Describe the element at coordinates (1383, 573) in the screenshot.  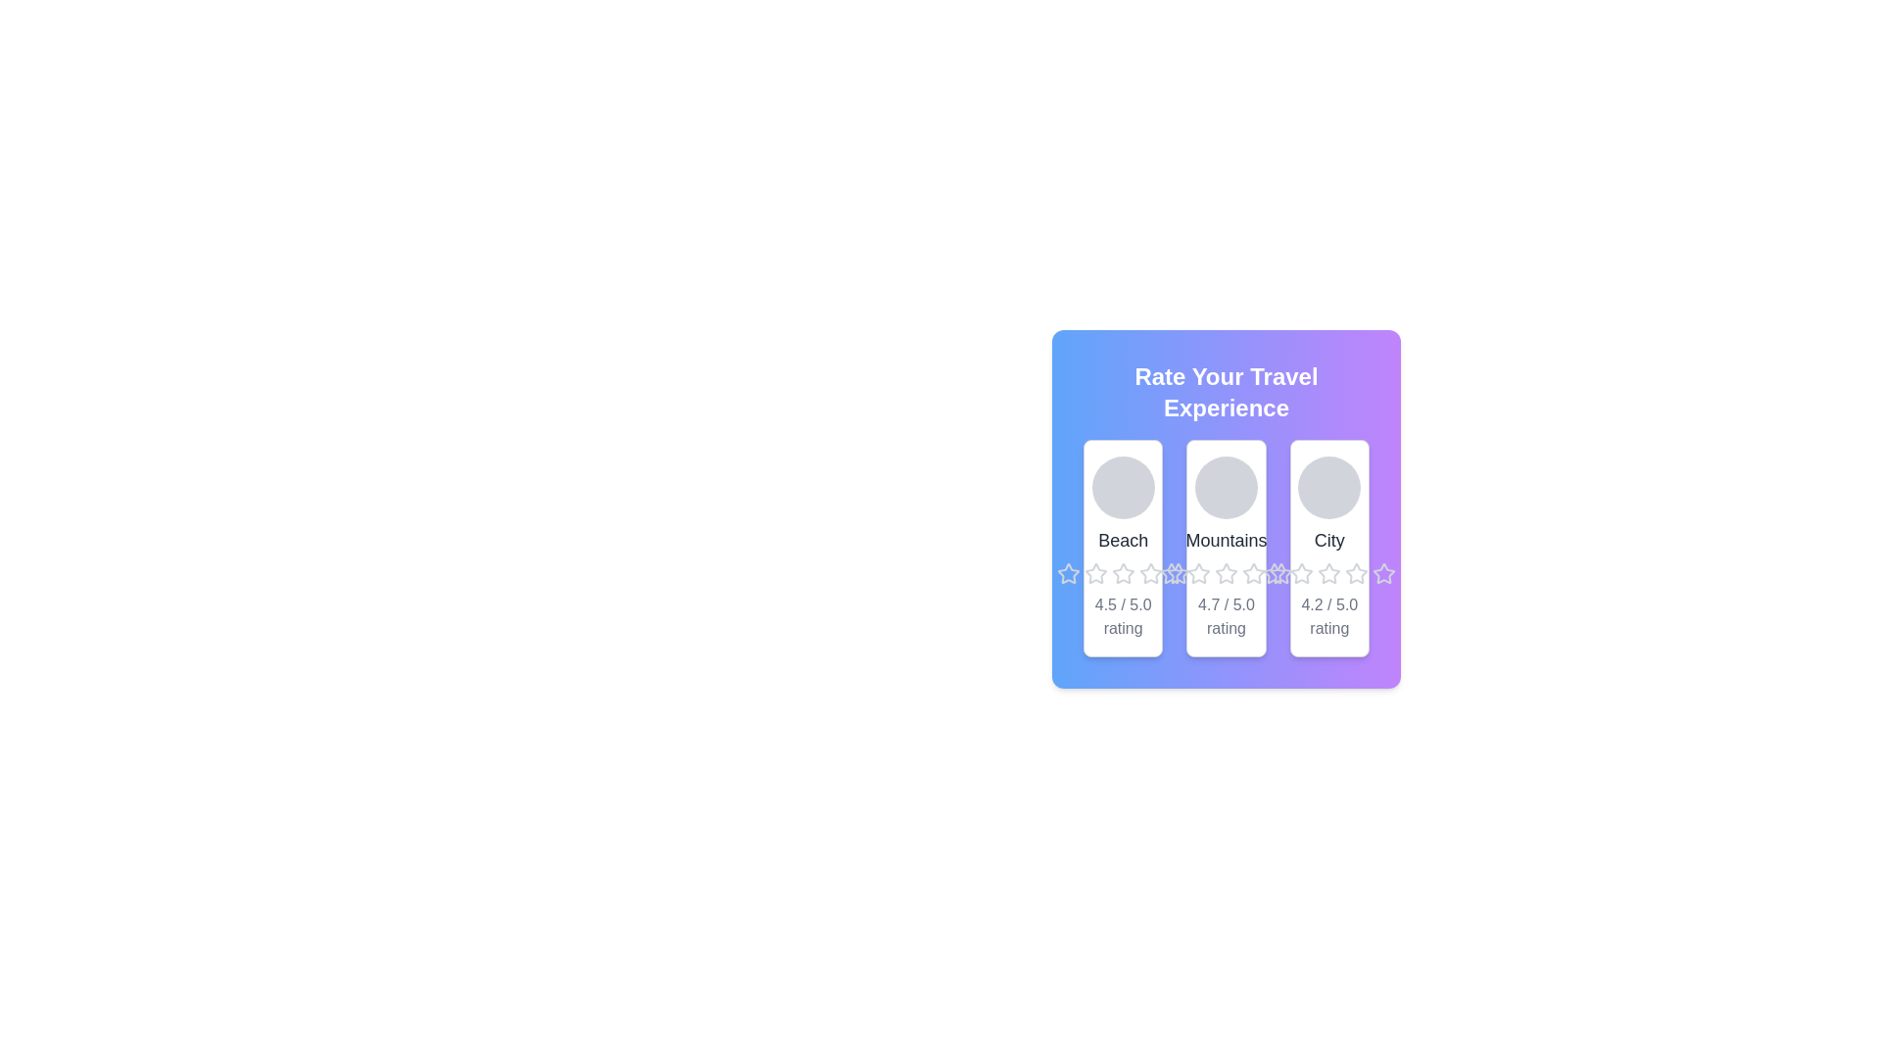
I see `on the fifth star icon in the rating component for the 'City' experience` at that location.